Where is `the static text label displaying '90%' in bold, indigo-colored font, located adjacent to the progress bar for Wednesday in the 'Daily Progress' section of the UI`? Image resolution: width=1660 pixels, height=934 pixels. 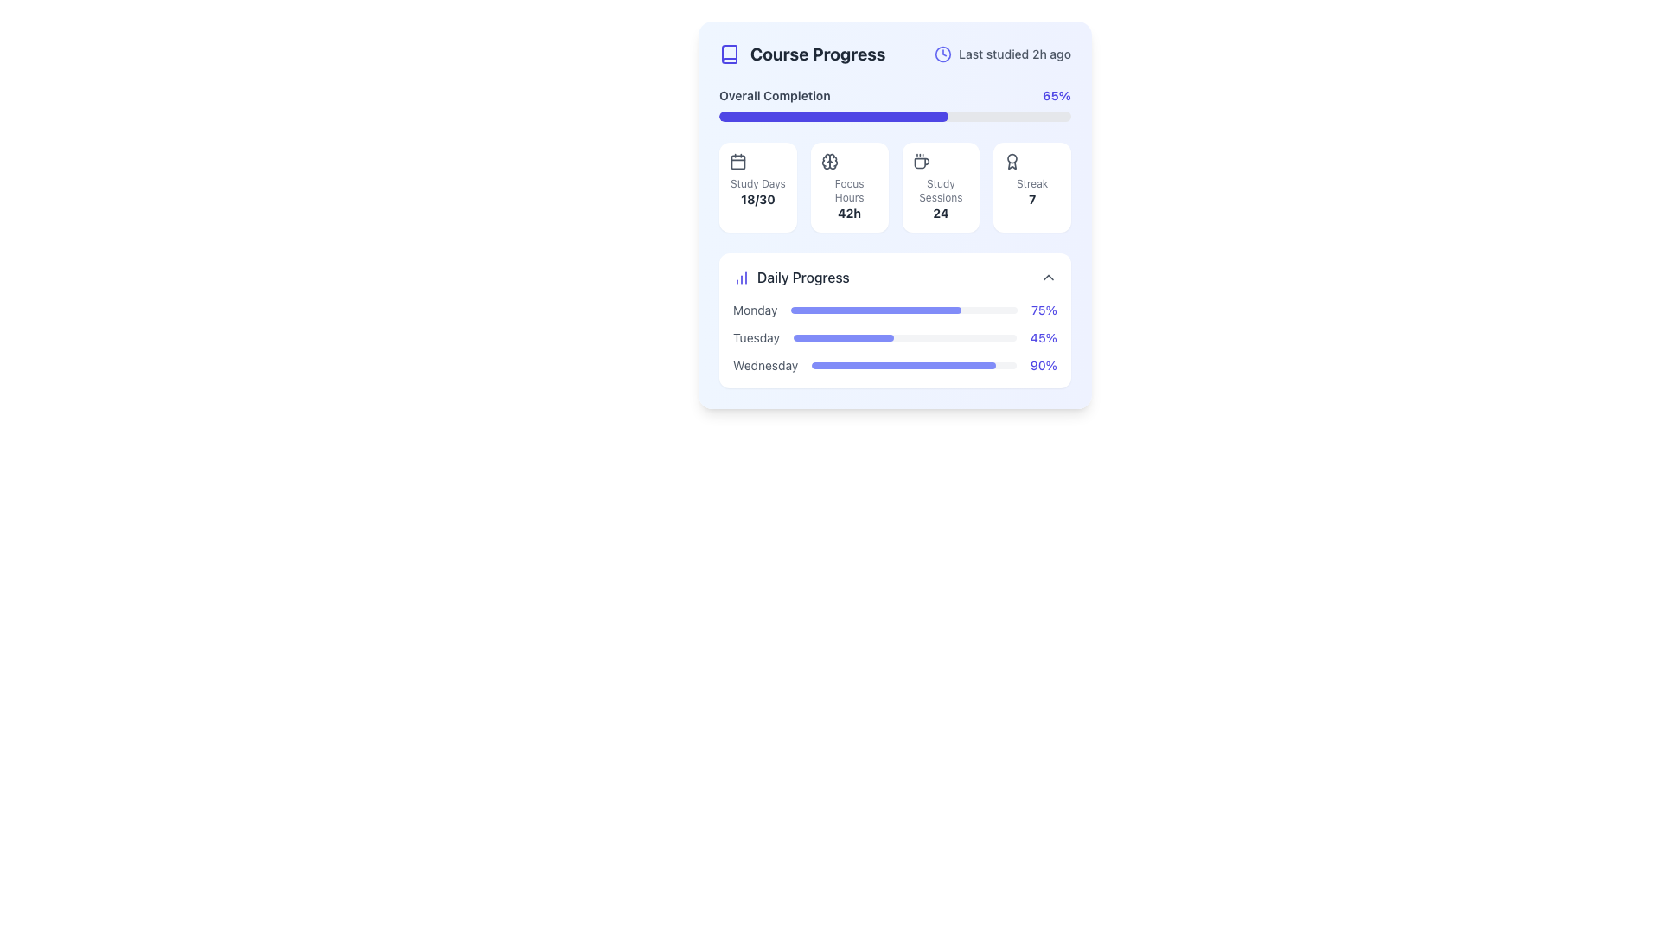 the static text label displaying '90%' in bold, indigo-colored font, located adjacent to the progress bar for Wednesday in the 'Daily Progress' section of the UI is located at coordinates (1043, 365).